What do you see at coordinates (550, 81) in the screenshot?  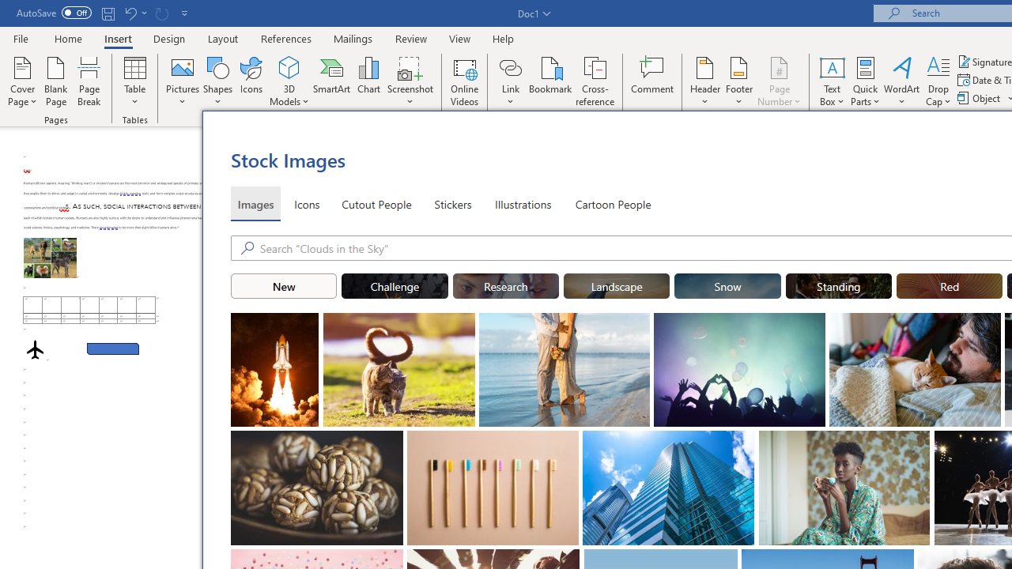 I see `'Bookmark...'` at bounding box center [550, 81].